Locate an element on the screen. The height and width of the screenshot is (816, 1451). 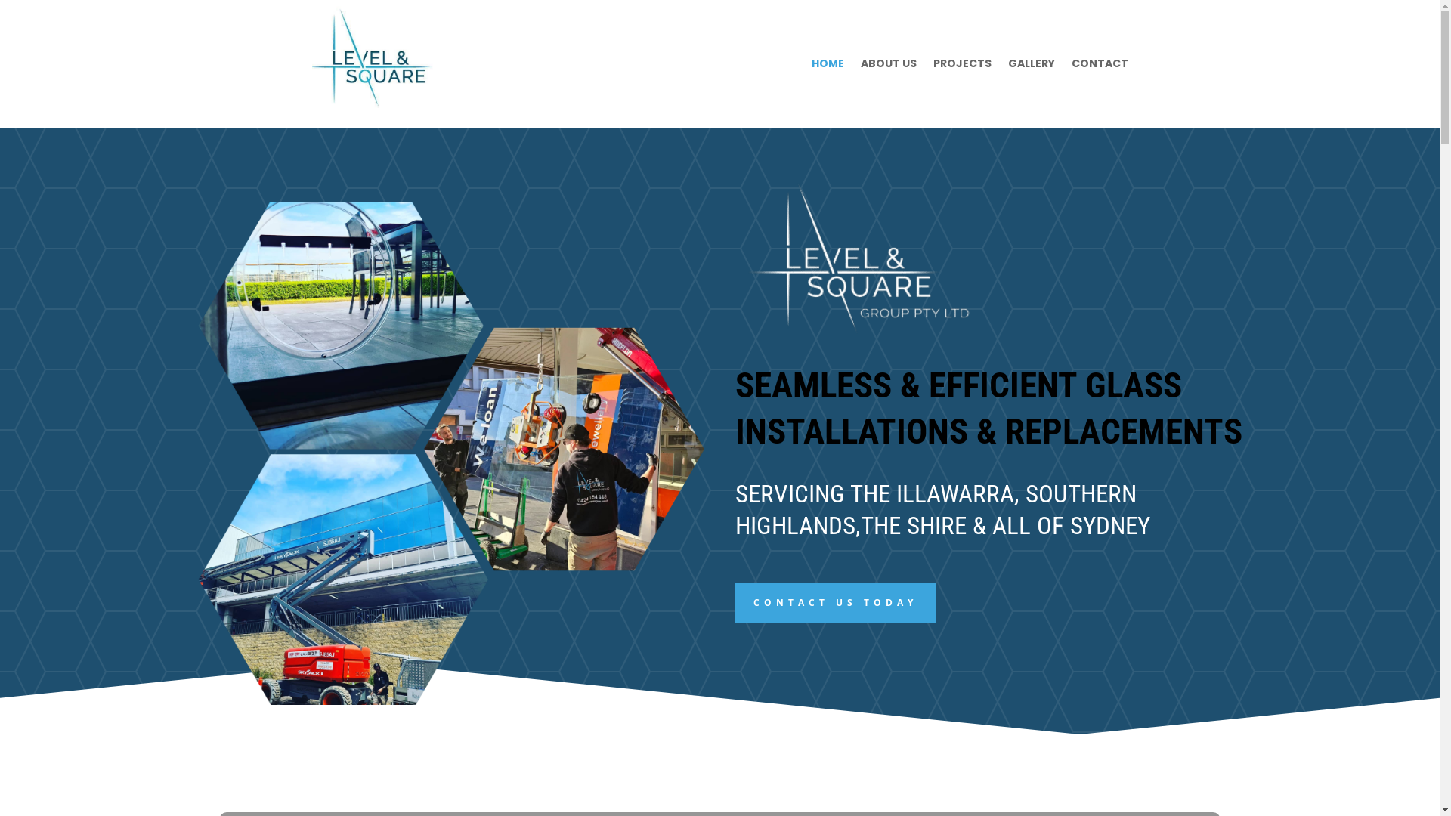
'HOME' is located at coordinates (827, 63).